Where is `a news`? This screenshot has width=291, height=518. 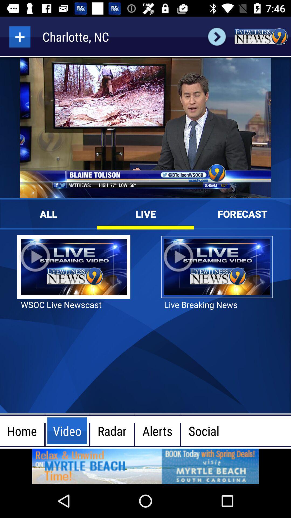 a news is located at coordinates (19, 36).